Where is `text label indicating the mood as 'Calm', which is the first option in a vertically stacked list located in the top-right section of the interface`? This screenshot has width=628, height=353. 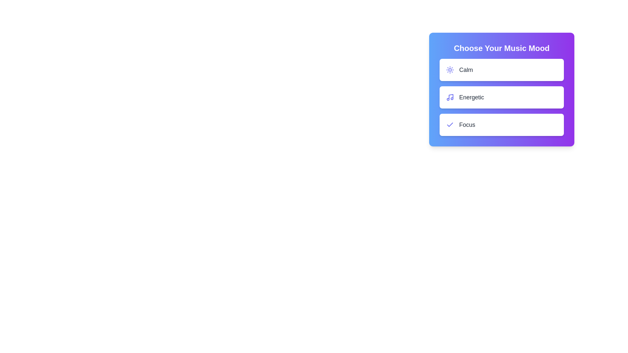 text label indicating the mood as 'Calm', which is the first option in a vertically stacked list located in the top-right section of the interface is located at coordinates (466, 70).